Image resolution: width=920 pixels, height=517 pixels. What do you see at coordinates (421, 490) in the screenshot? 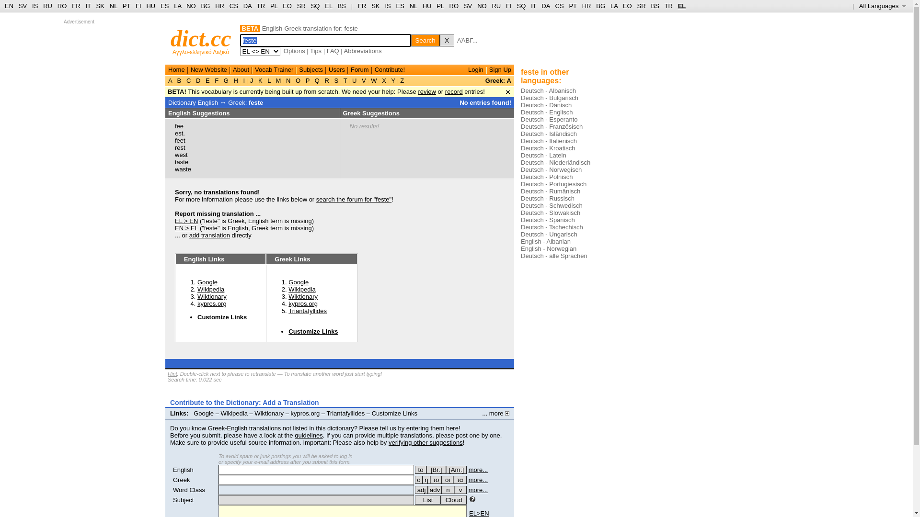
I see `'adj'` at bounding box center [421, 490].